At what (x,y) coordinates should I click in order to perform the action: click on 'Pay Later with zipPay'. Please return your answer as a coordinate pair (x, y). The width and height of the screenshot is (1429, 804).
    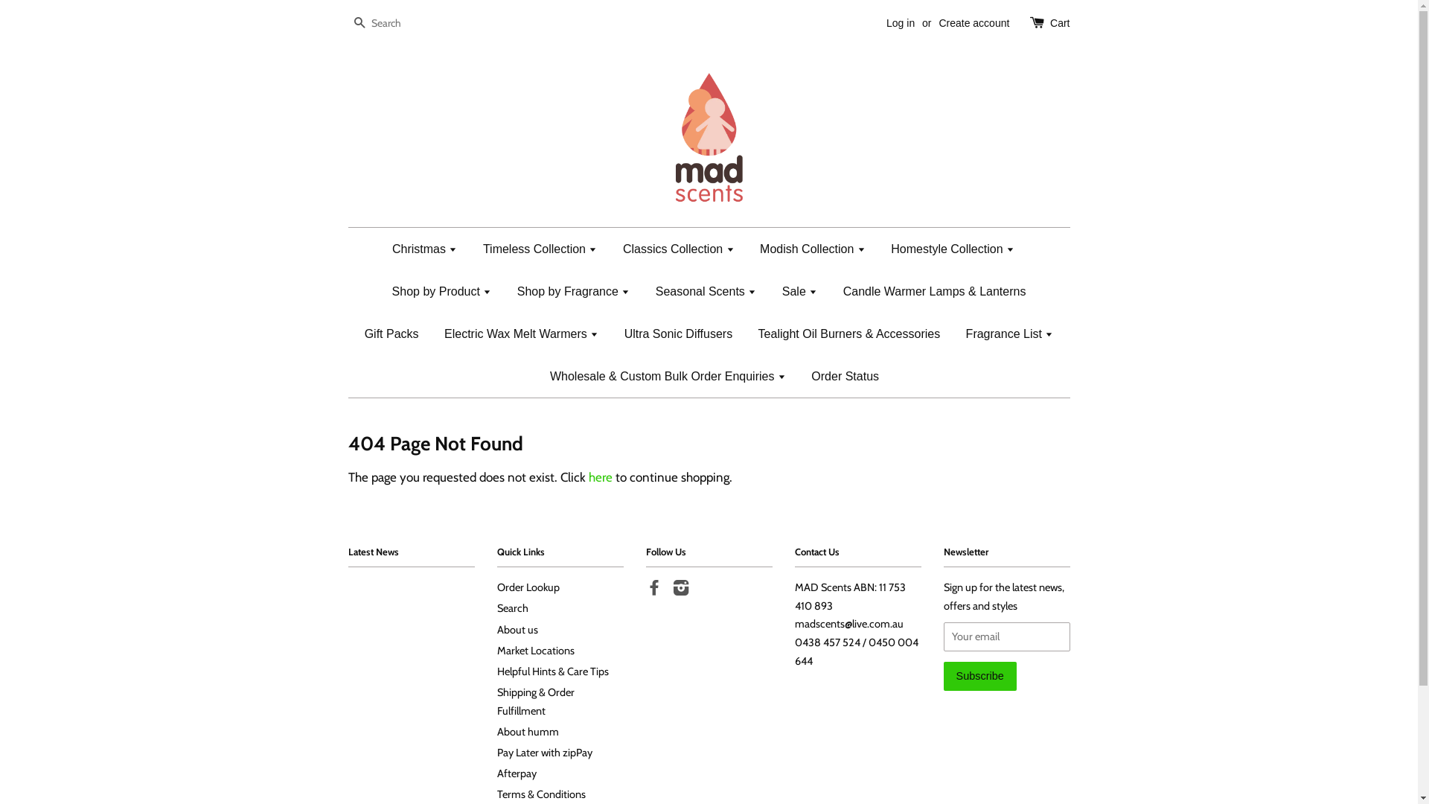
    Looking at the image, I should click on (543, 752).